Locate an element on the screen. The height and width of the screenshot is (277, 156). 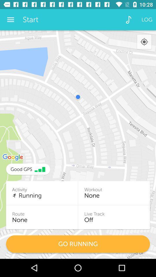
the location_crosshair icon is located at coordinates (144, 42).